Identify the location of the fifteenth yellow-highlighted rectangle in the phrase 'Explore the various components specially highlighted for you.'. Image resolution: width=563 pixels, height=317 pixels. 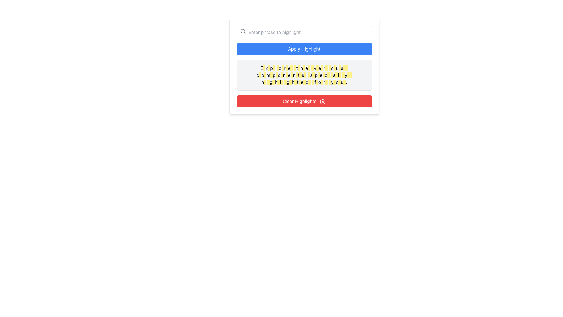
(326, 68).